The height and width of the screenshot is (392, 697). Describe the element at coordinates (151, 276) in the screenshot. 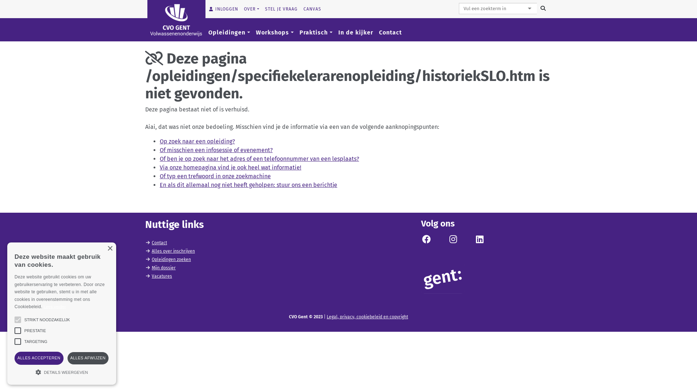

I see `'Vacatures'` at that location.